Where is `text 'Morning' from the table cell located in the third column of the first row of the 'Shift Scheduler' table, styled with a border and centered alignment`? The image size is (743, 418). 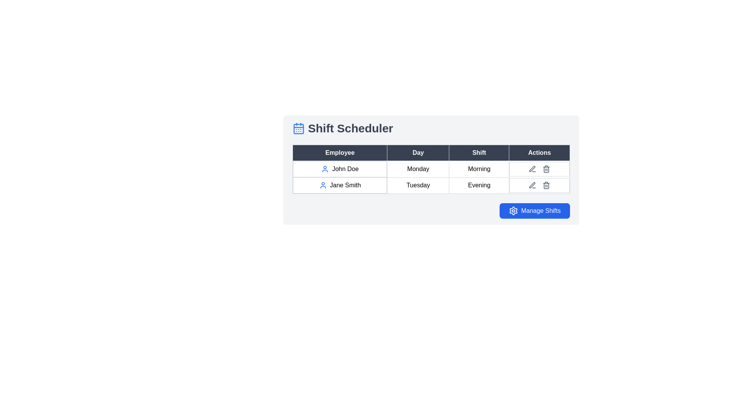 text 'Morning' from the table cell located in the third column of the first row of the 'Shift Scheduler' table, styled with a border and centered alignment is located at coordinates (479, 168).